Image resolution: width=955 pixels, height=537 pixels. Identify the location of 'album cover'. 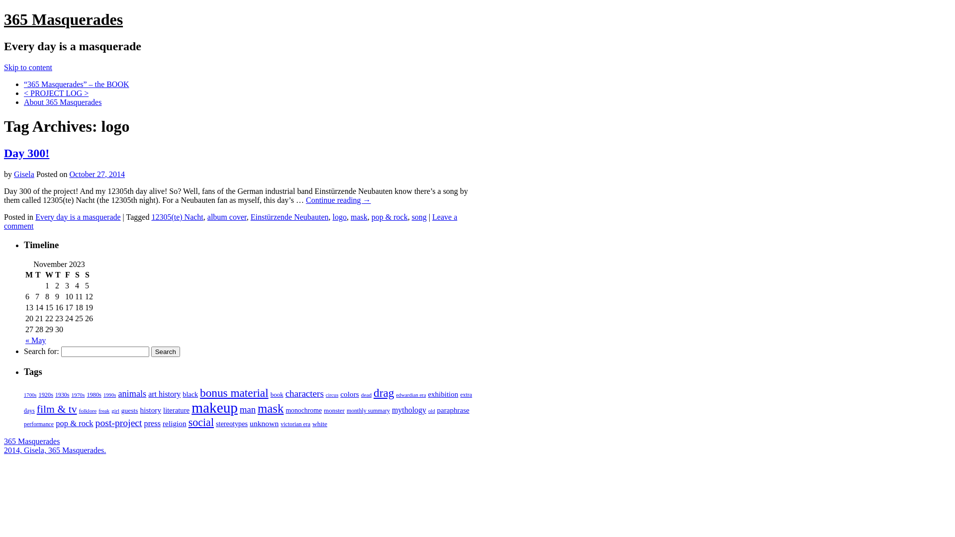
(226, 216).